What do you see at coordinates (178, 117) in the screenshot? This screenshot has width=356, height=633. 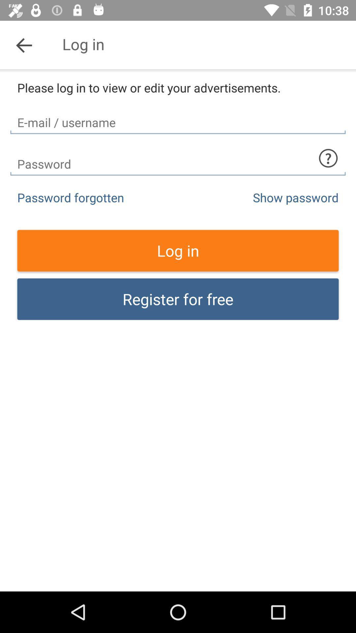 I see `email or username` at bounding box center [178, 117].